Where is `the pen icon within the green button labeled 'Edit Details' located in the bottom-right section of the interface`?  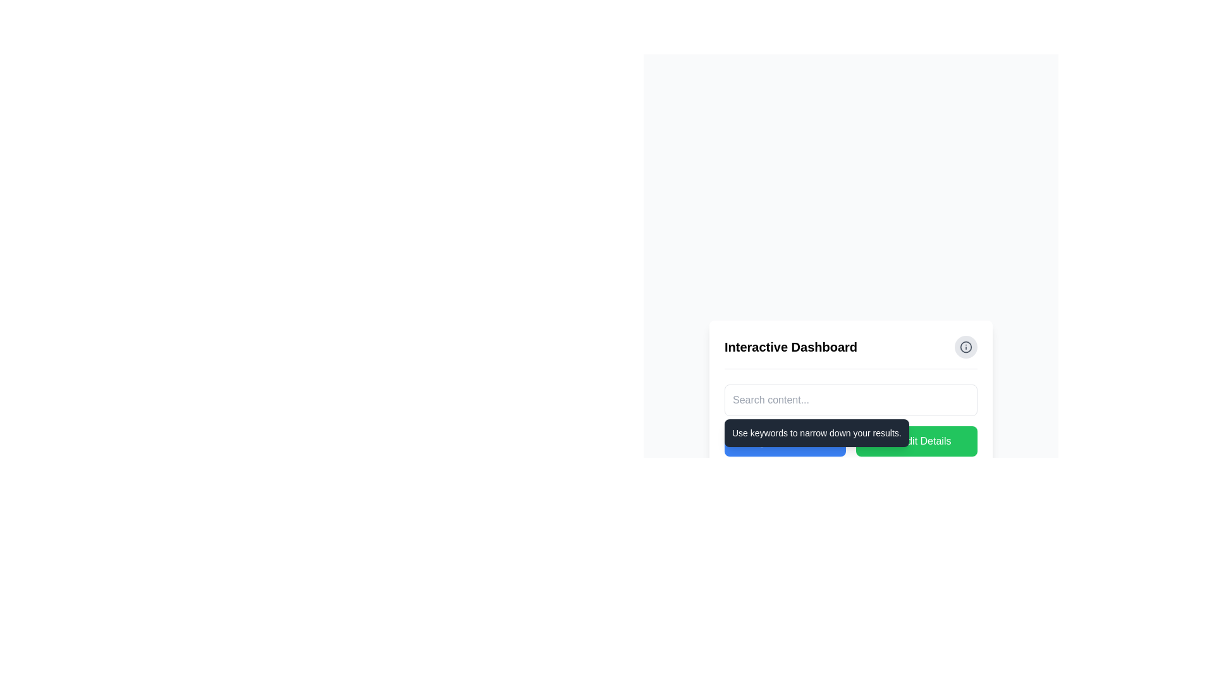 the pen icon within the green button labeled 'Edit Details' located in the bottom-right section of the interface is located at coordinates (888, 440).